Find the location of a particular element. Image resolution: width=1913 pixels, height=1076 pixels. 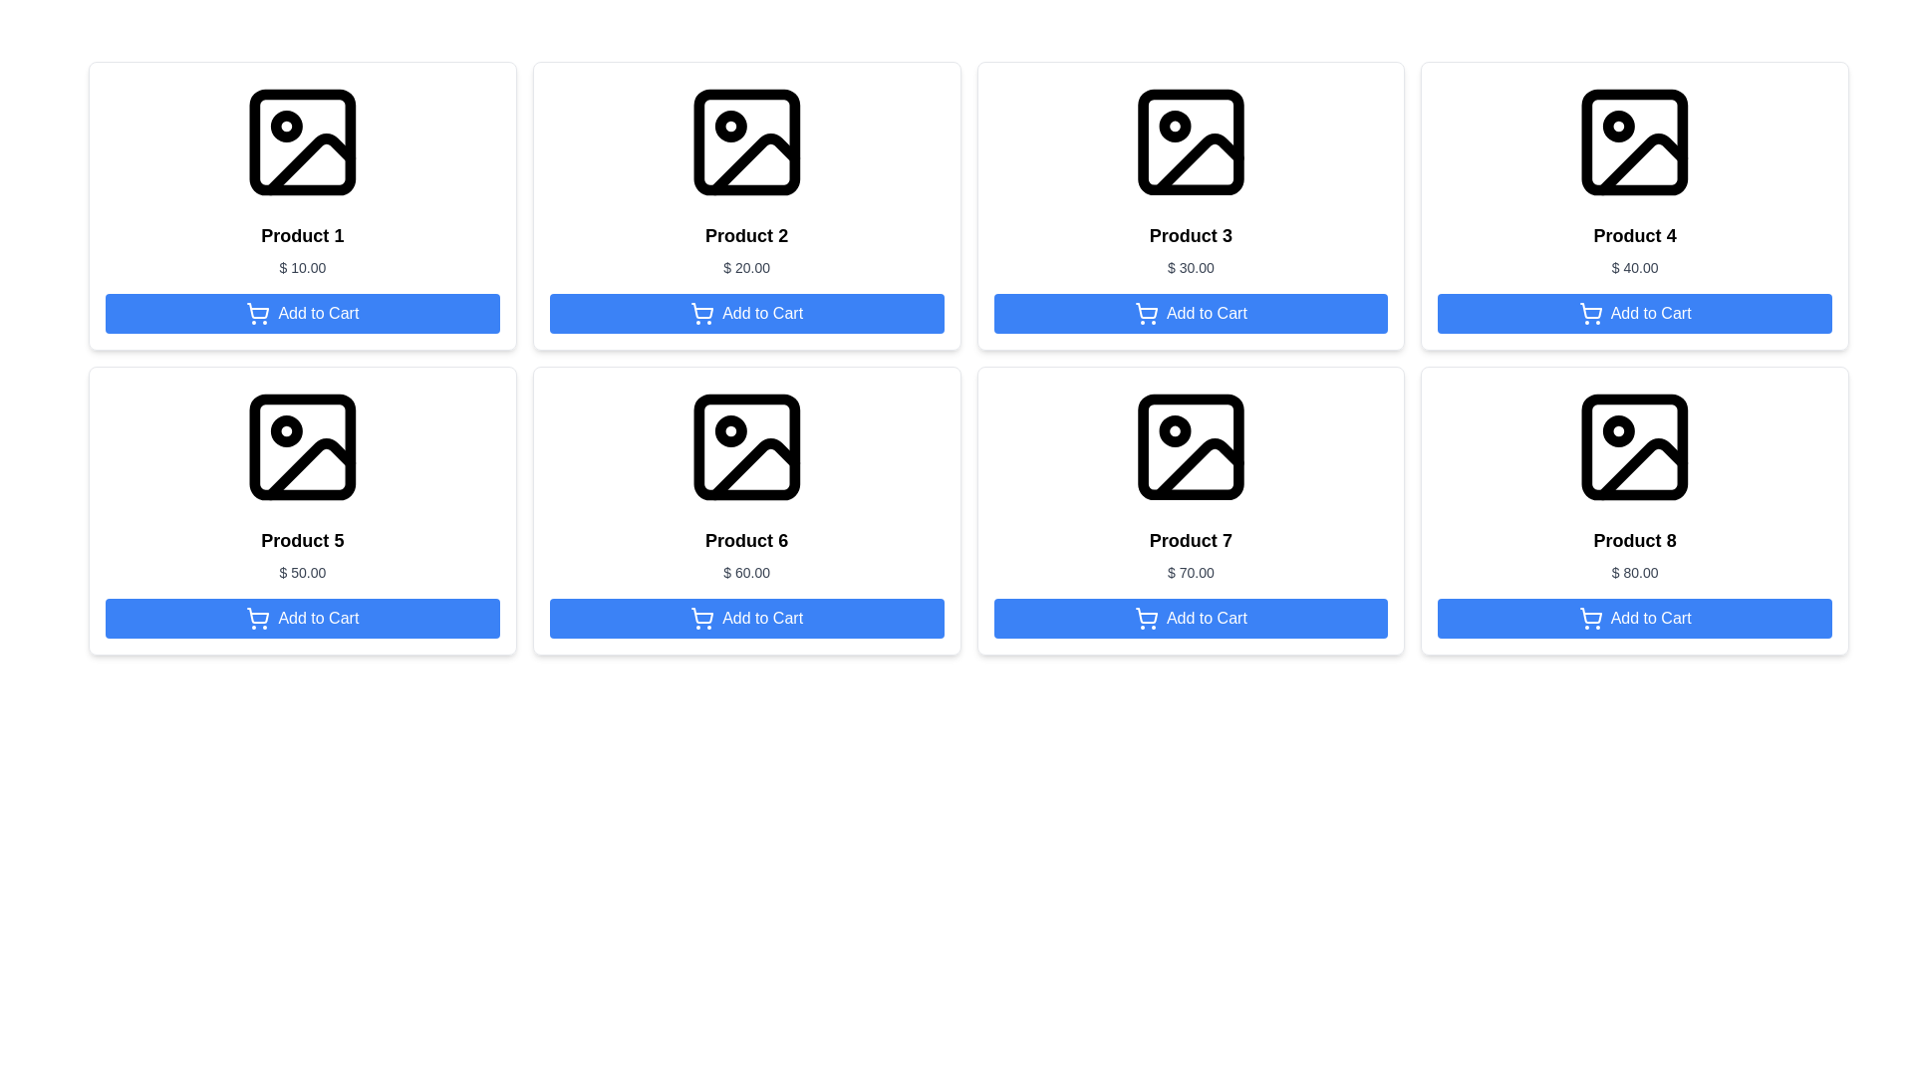

the shopping cart icon, which is outlined in black and located inside the 'Add to Cart' button for 'Product 6' priced at $60 is located at coordinates (702, 615).